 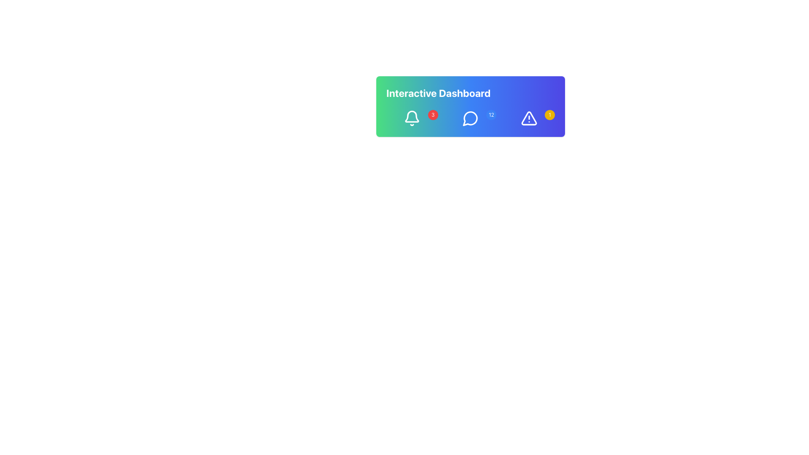 What do you see at coordinates (412, 116) in the screenshot?
I see `the bell-shaped icon in the first position of the row within the blue to green gradient header bar labeled 'Interactive Dashboard'` at bounding box center [412, 116].